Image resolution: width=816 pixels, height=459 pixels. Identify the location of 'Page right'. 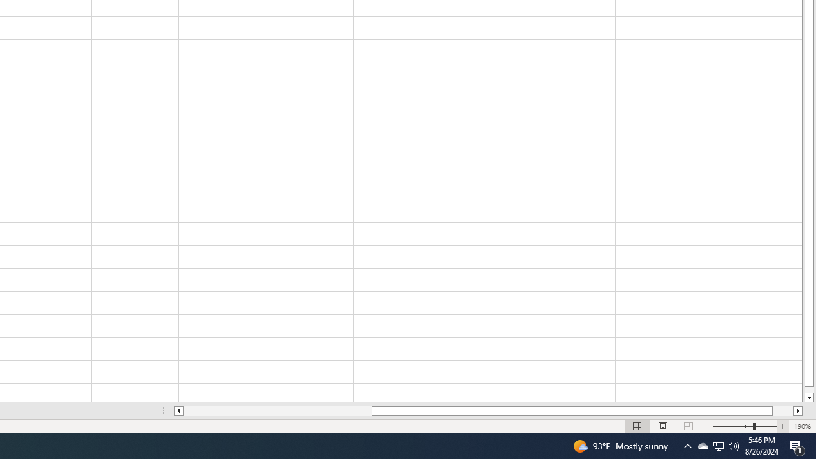
(782, 411).